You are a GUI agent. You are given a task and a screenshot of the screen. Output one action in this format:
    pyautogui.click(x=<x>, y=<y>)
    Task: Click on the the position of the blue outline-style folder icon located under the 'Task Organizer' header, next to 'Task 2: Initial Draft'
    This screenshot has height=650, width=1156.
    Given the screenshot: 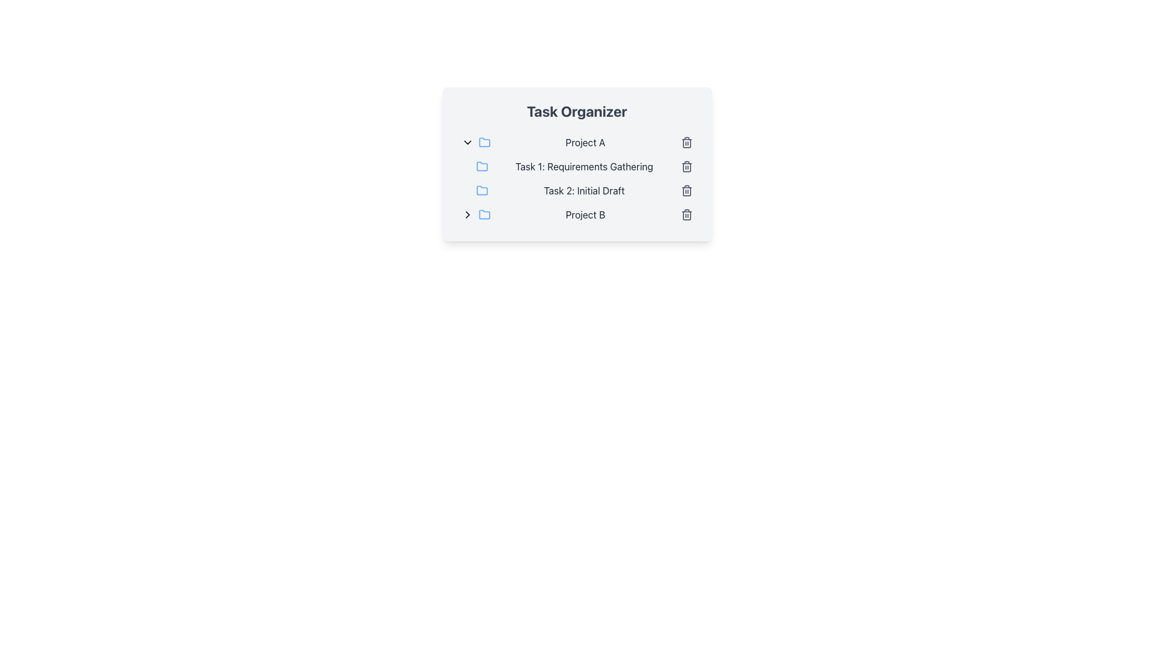 What is the action you would take?
    pyautogui.click(x=482, y=190)
    